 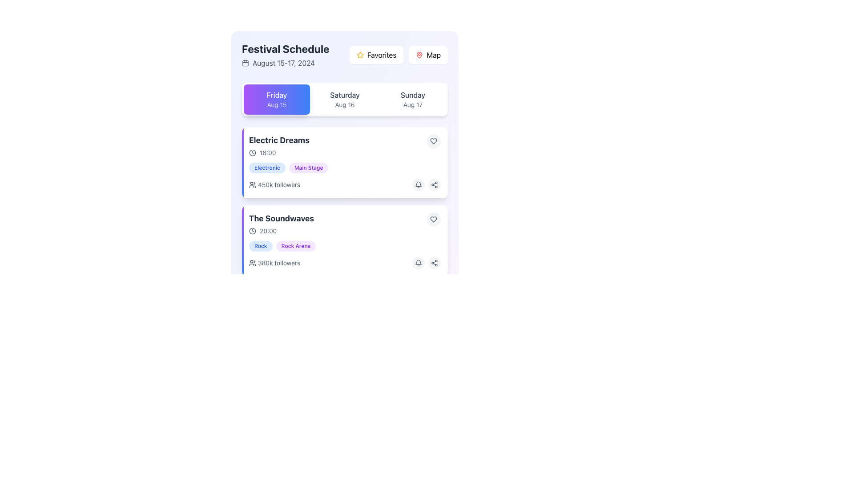 What do you see at coordinates (433, 219) in the screenshot?
I see `the circular button with a gray background and heart icon, located on the far-right side of 'The Soundwaves' section, for keyboard accessibility` at bounding box center [433, 219].